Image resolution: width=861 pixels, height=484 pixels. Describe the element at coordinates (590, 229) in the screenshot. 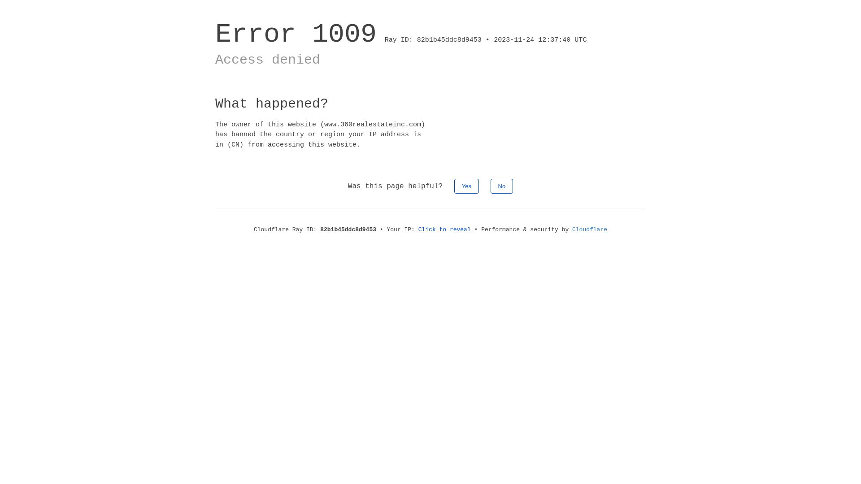

I see `'Cloudflare'` at that location.